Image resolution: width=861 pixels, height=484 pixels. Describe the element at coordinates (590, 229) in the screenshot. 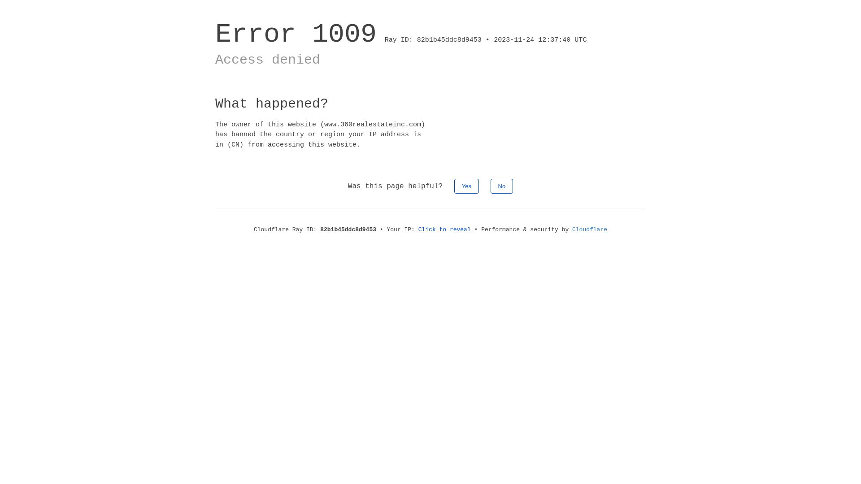

I see `'Cloudflare'` at that location.